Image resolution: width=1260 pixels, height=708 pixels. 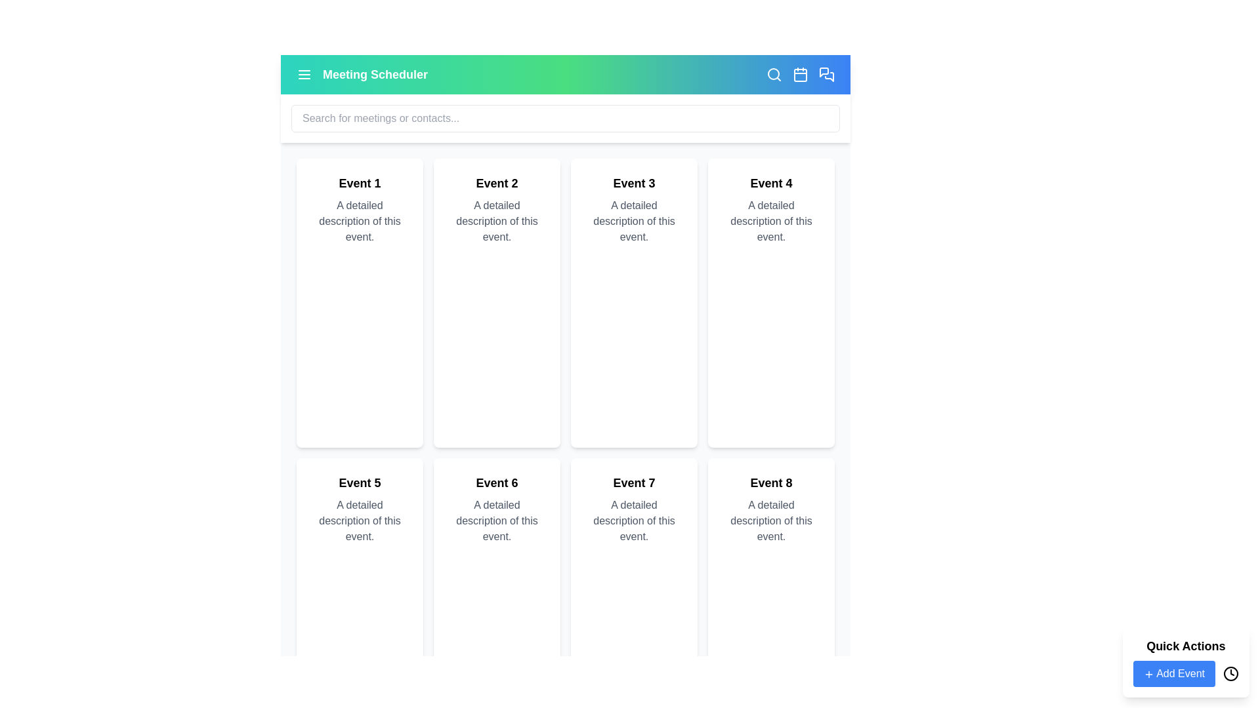 What do you see at coordinates (771, 184) in the screenshot?
I see `the text label that serves as the title of the event, located in the first row, fourth column of the grid layout, above the description text` at bounding box center [771, 184].